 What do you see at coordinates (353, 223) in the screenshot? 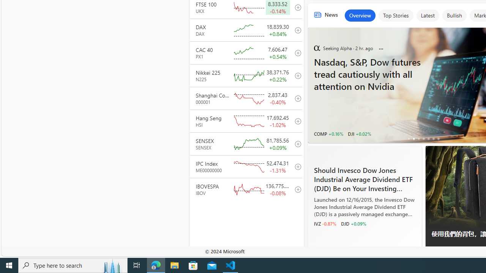
I see `'DJD +0.09%'` at bounding box center [353, 223].